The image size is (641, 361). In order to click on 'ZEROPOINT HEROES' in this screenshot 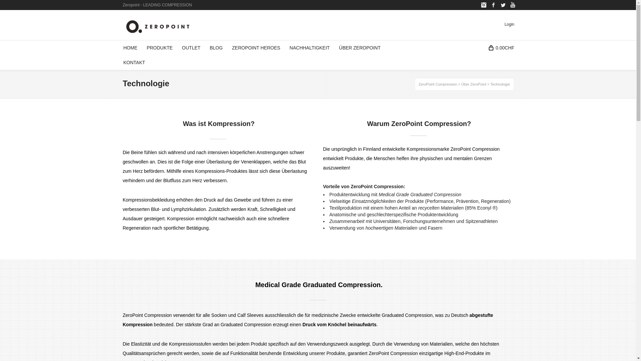, I will do `click(256, 47)`.